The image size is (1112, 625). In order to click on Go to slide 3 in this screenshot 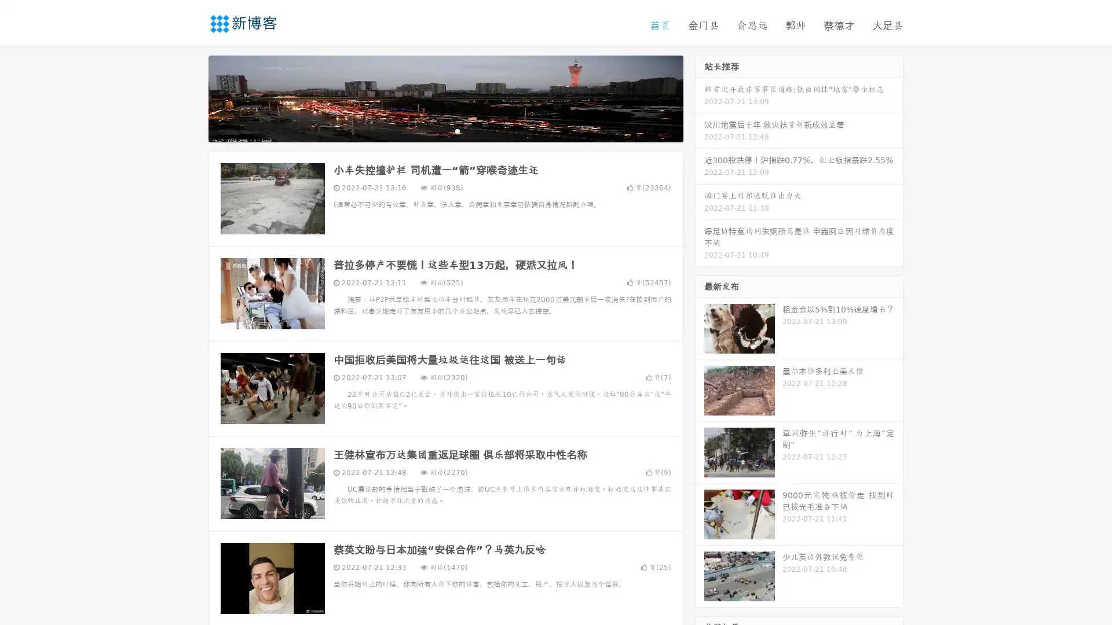, I will do `click(457, 130)`.